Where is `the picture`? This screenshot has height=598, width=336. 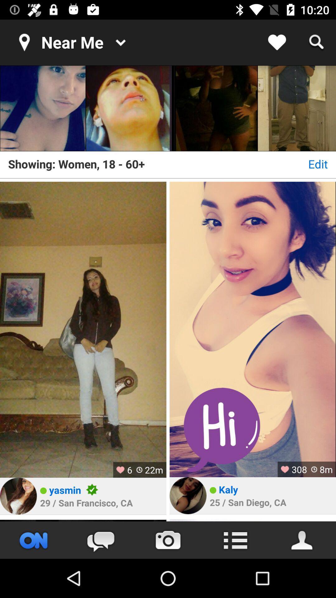 the picture is located at coordinates (214, 108).